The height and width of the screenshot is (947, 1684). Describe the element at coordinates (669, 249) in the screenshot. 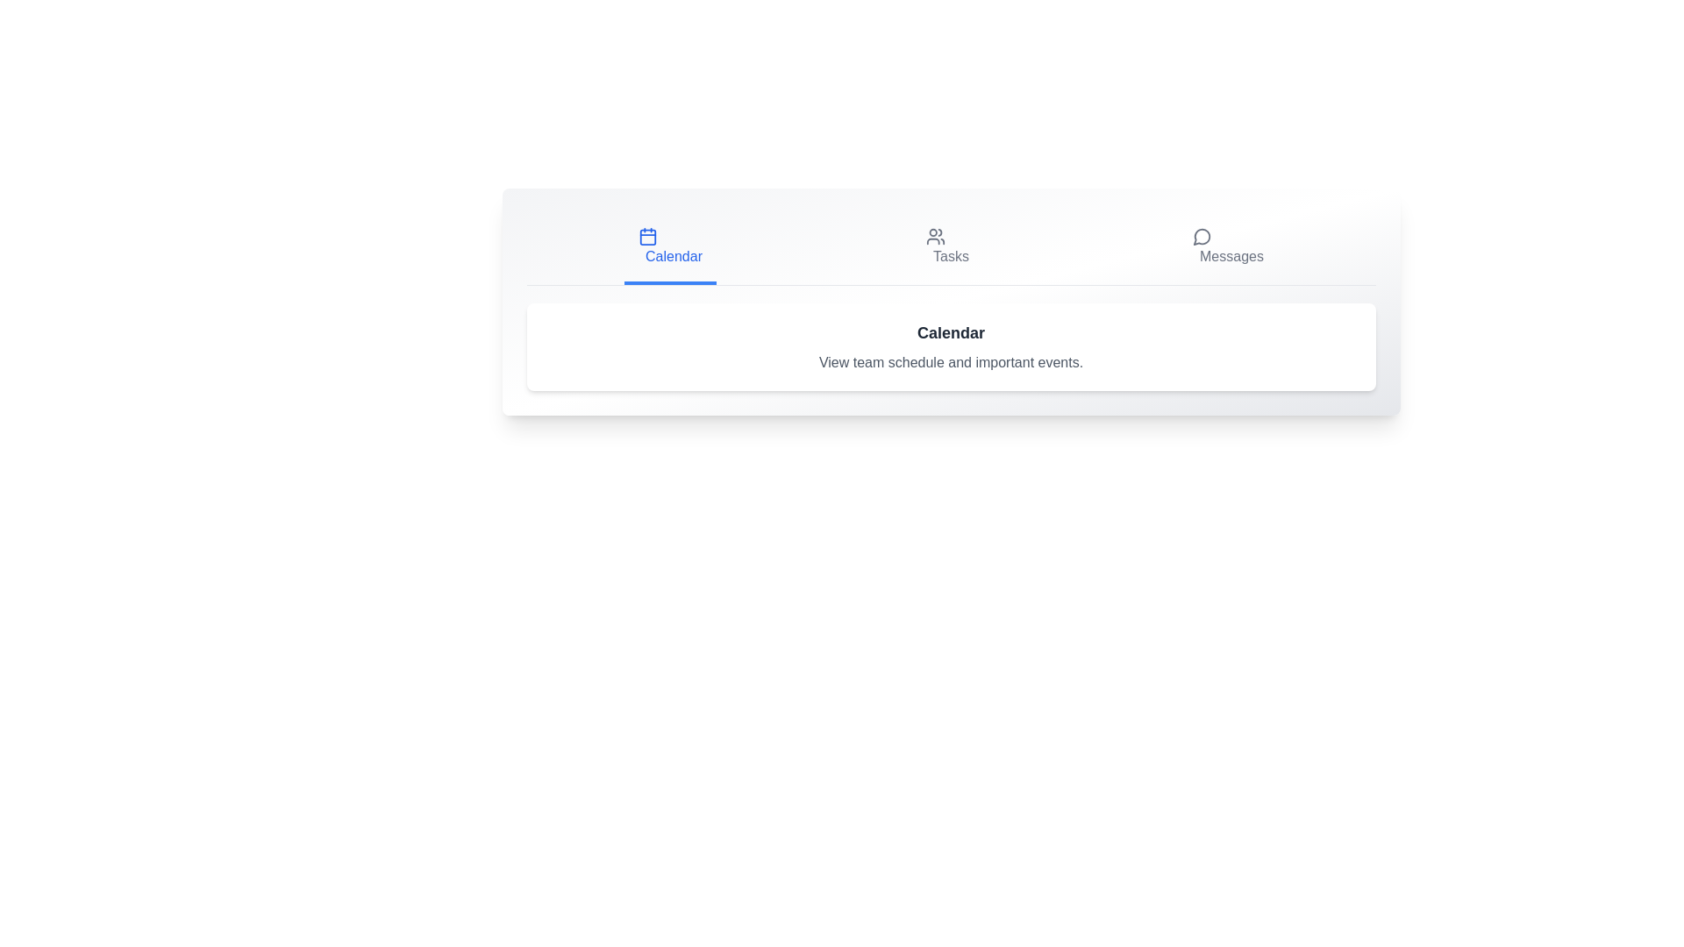

I see `the Calendar tab` at that location.